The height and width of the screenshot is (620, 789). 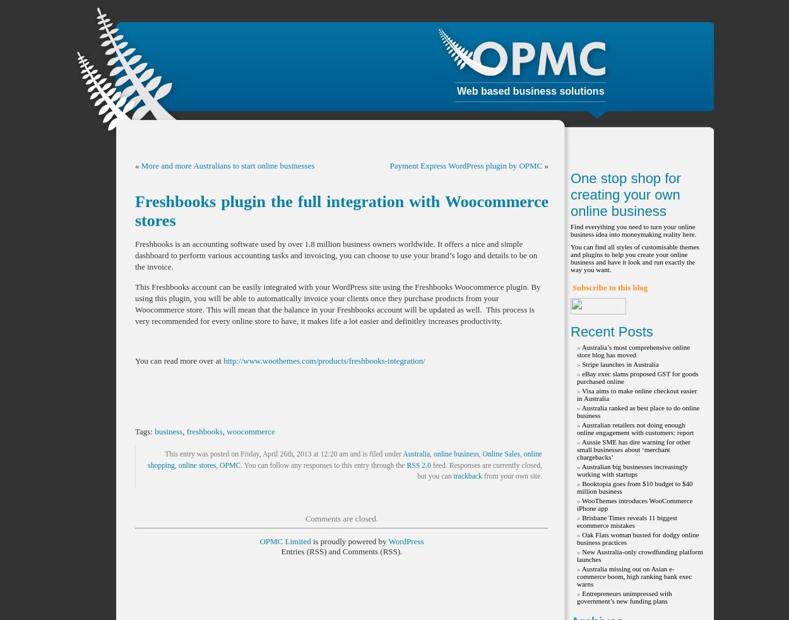 What do you see at coordinates (634, 504) in the screenshot?
I see `'WooThemes introduces WooCommerce iPhone app'` at bounding box center [634, 504].